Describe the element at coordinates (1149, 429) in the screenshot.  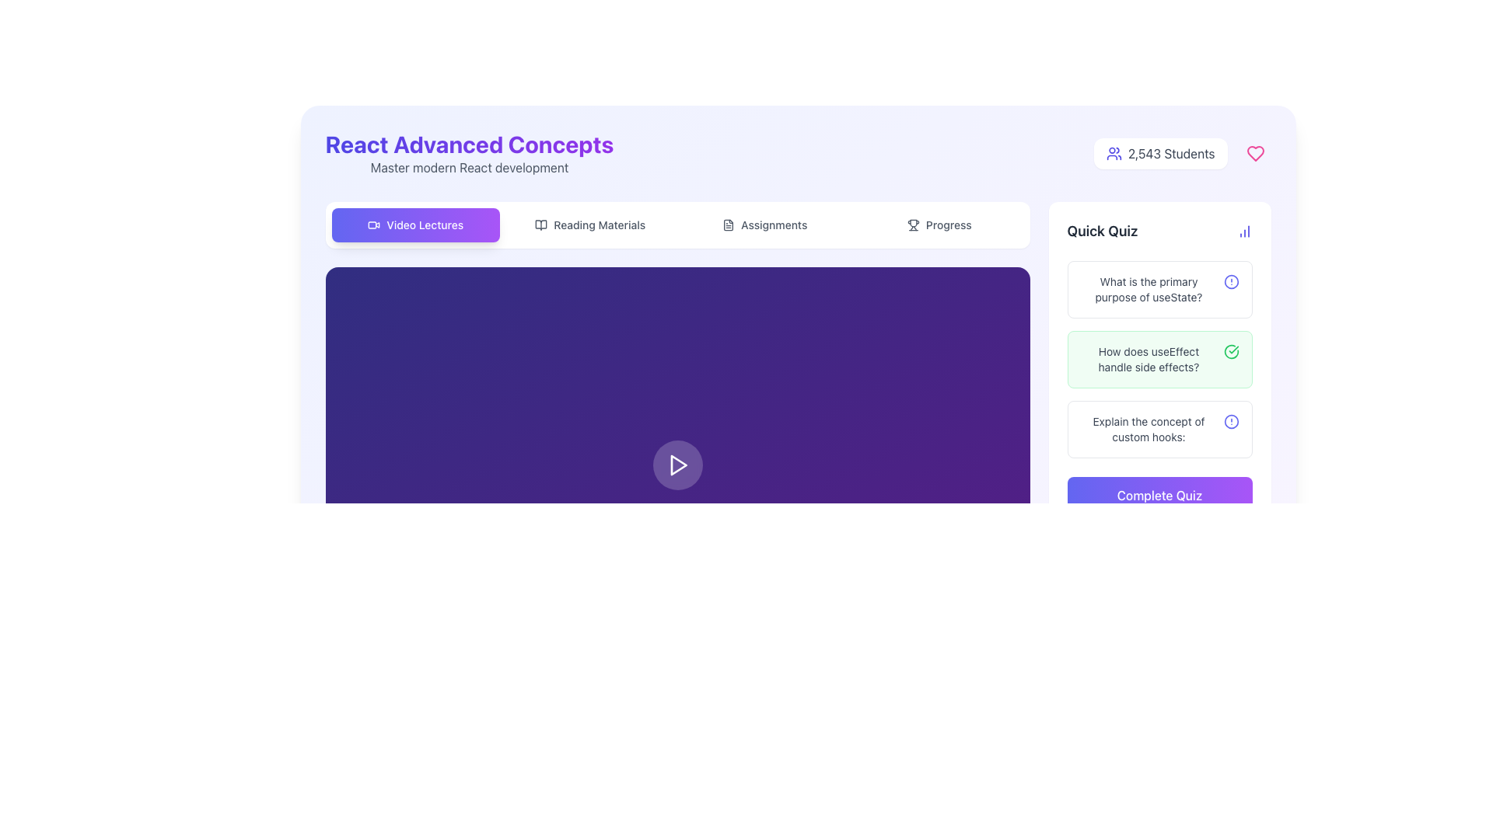
I see `the text label displaying 'Explain the concept of custom hooks:' located in the 'Quick Quiz' section, positioned between 'How does useEffect handle side effects?' and 'Complete Quiz.'` at that location.